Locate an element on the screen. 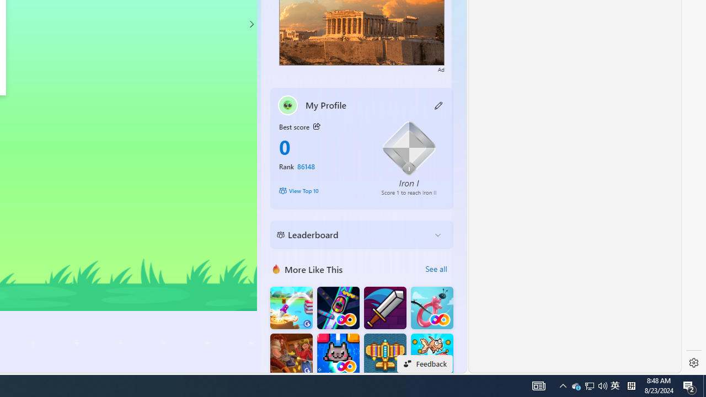 Image resolution: width=706 pixels, height=397 pixels. 'Kitten Force FRVR' is located at coordinates (338, 355).